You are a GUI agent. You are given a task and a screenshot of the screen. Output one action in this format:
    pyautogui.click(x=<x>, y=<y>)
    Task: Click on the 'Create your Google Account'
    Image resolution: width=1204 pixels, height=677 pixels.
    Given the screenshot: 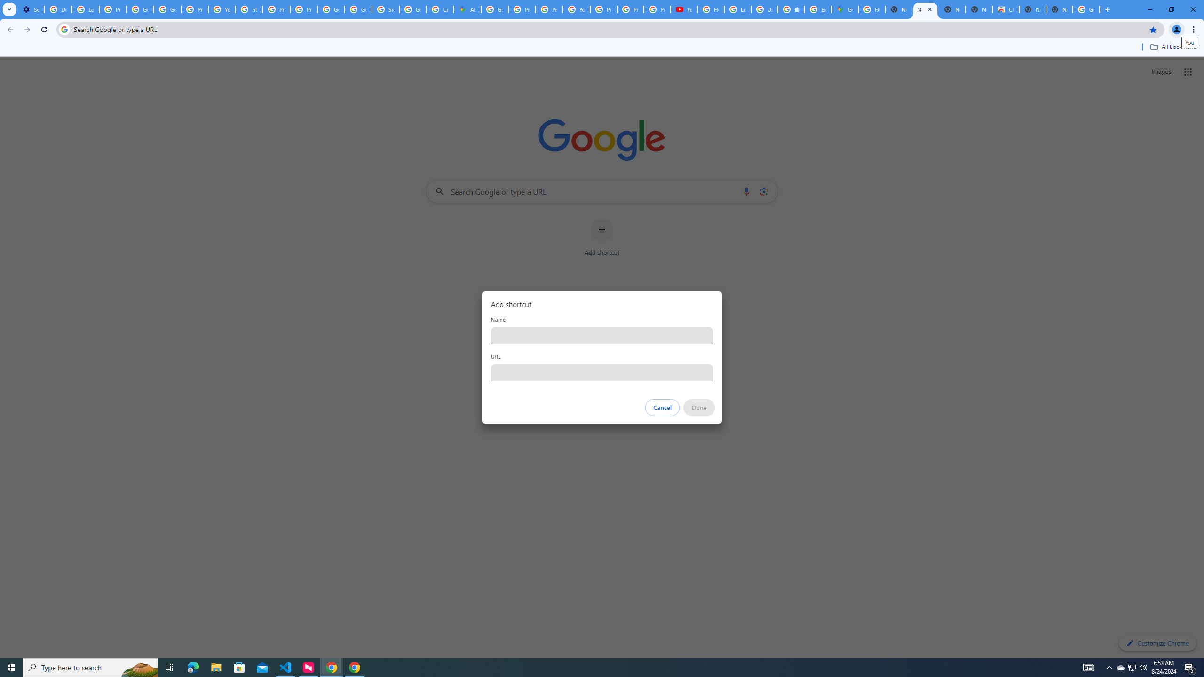 What is the action you would take?
    pyautogui.click(x=439, y=9)
    